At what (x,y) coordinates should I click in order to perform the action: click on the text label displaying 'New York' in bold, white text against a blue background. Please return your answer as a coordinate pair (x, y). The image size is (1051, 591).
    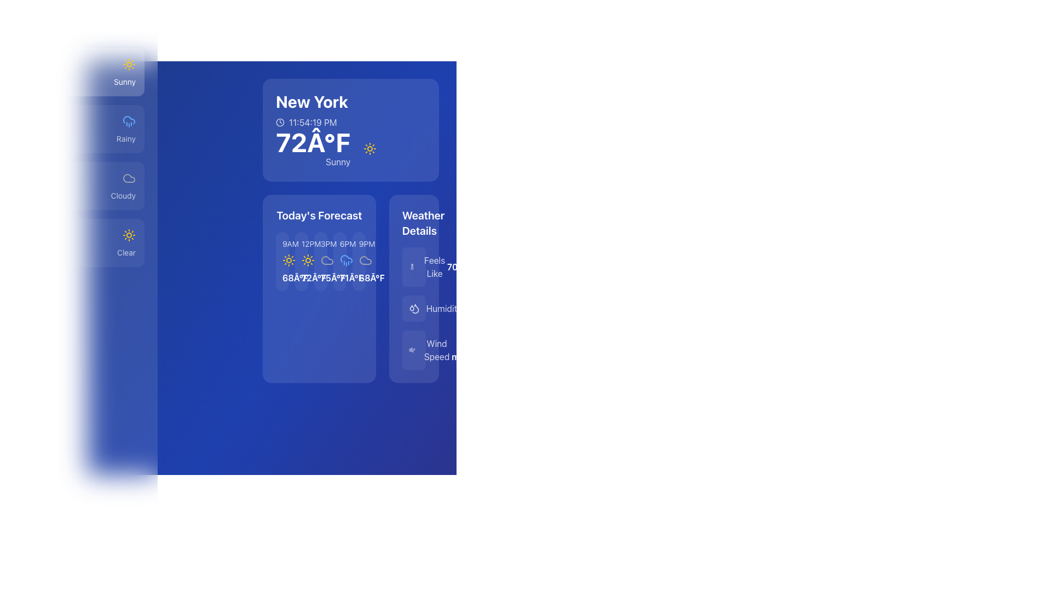
    Looking at the image, I should click on (311, 101).